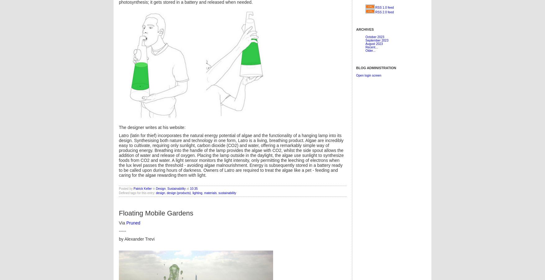 The height and width of the screenshot is (280, 545). Describe the element at coordinates (118, 238) in the screenshot. I see `'by'` at that location.